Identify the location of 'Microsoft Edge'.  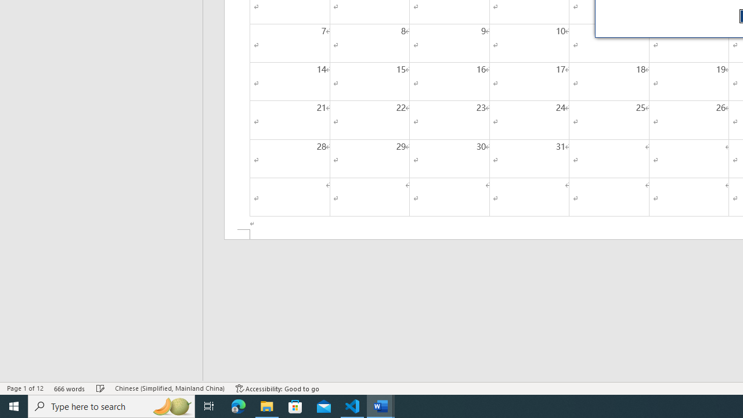
(238, 405).